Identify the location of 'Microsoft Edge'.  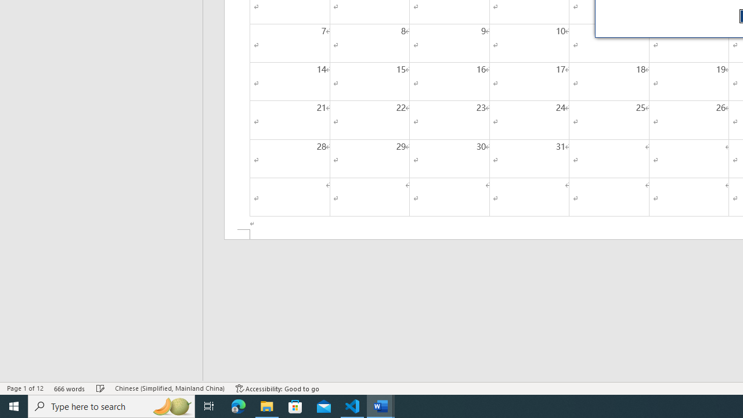
(238, 405).